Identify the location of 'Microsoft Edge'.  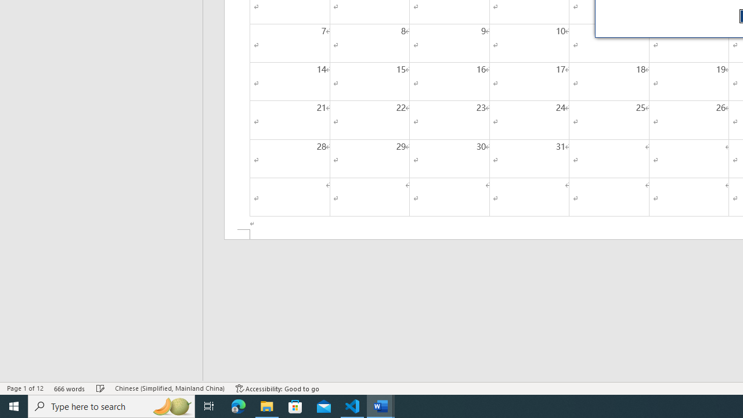
(238, 405).